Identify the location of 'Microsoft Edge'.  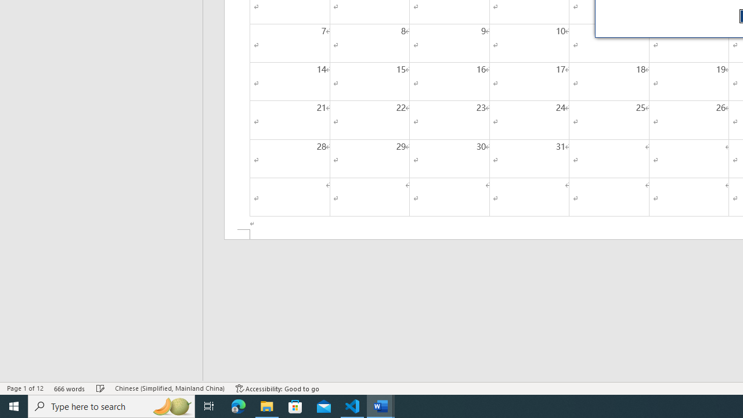
(238, 405).